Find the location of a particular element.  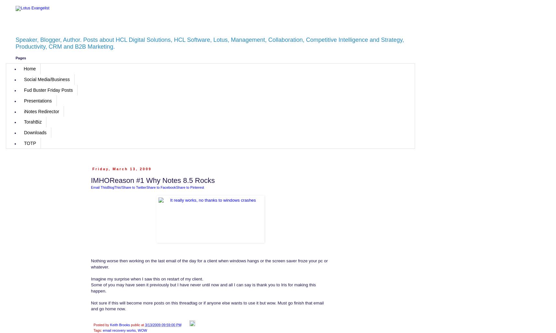

'iNotes Redirector' is located at coordinates (23, 111).